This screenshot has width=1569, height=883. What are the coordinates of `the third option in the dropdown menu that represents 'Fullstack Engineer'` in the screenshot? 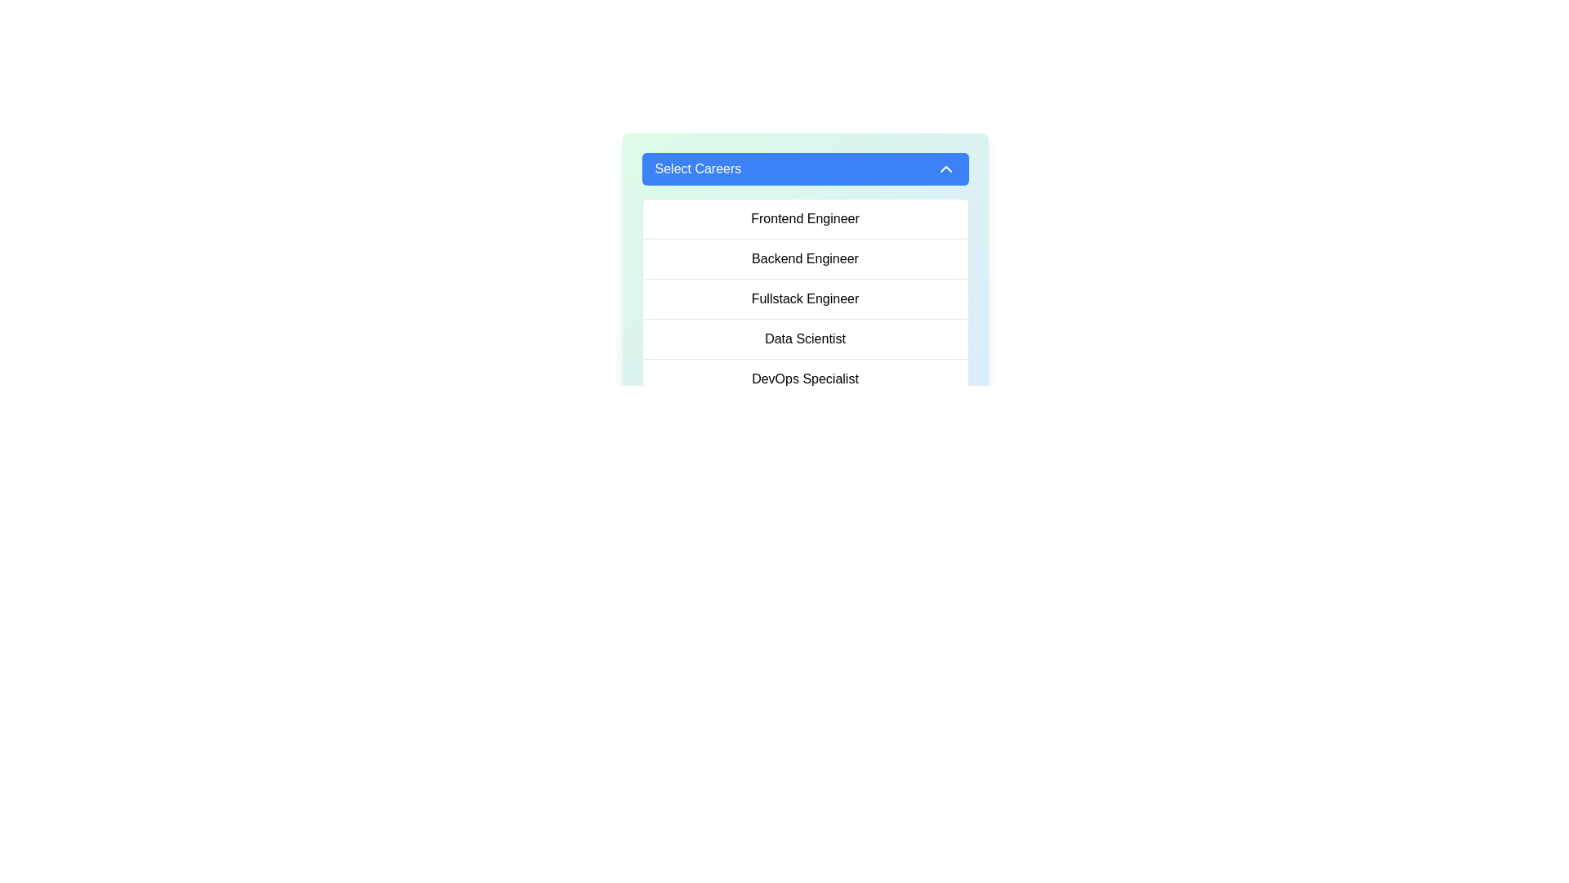 It's located at (805, 299).